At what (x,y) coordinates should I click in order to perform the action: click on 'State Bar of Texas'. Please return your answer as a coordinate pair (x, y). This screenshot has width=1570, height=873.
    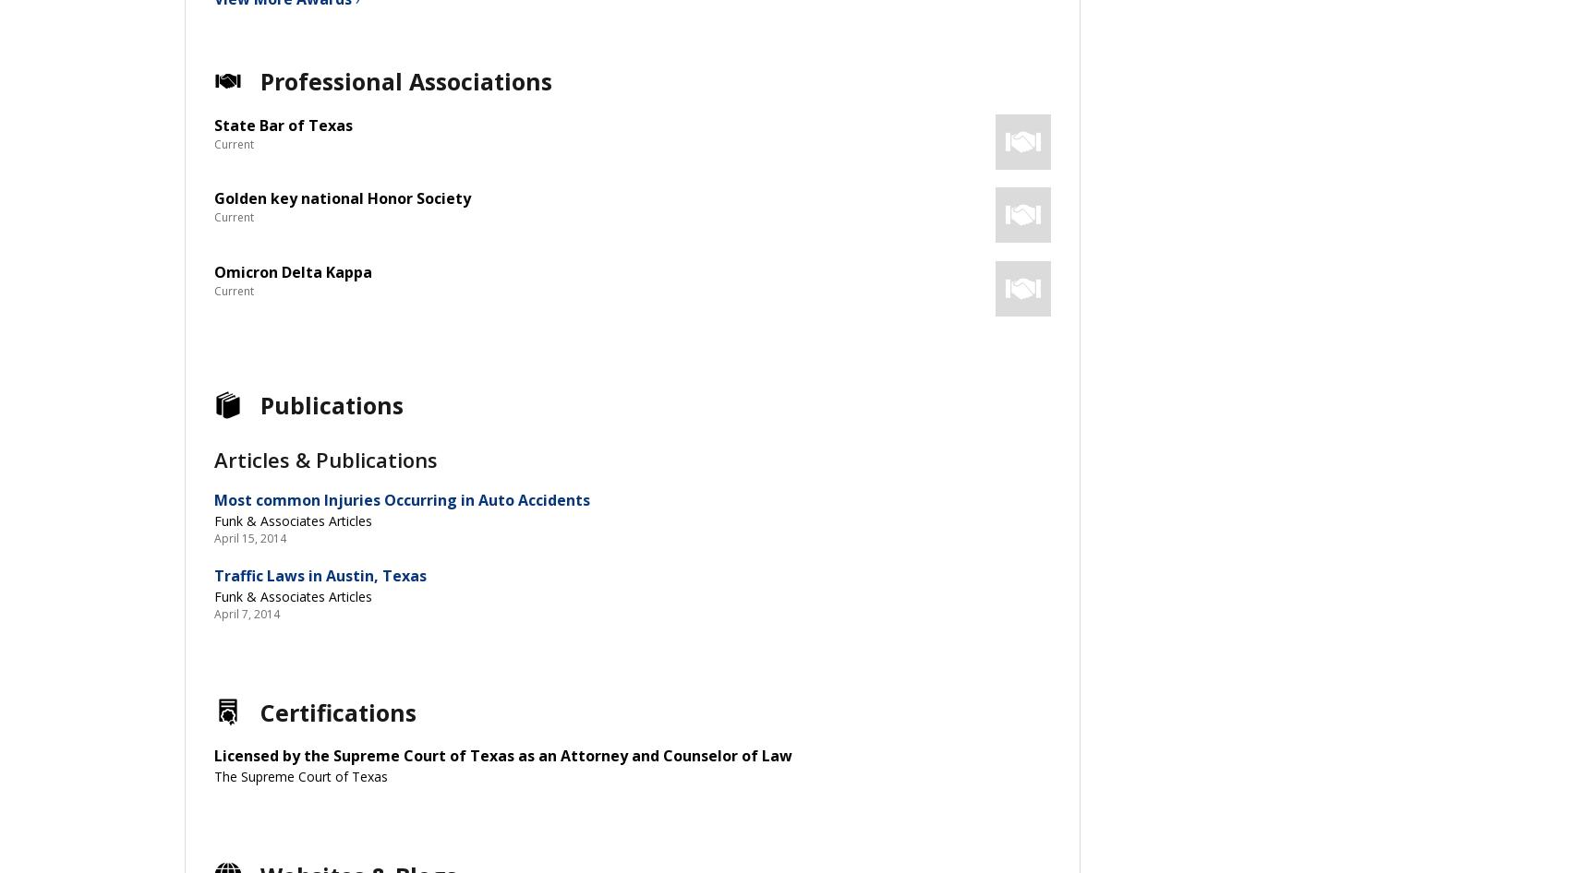
    Looking at the image, I should click on (284, 125).